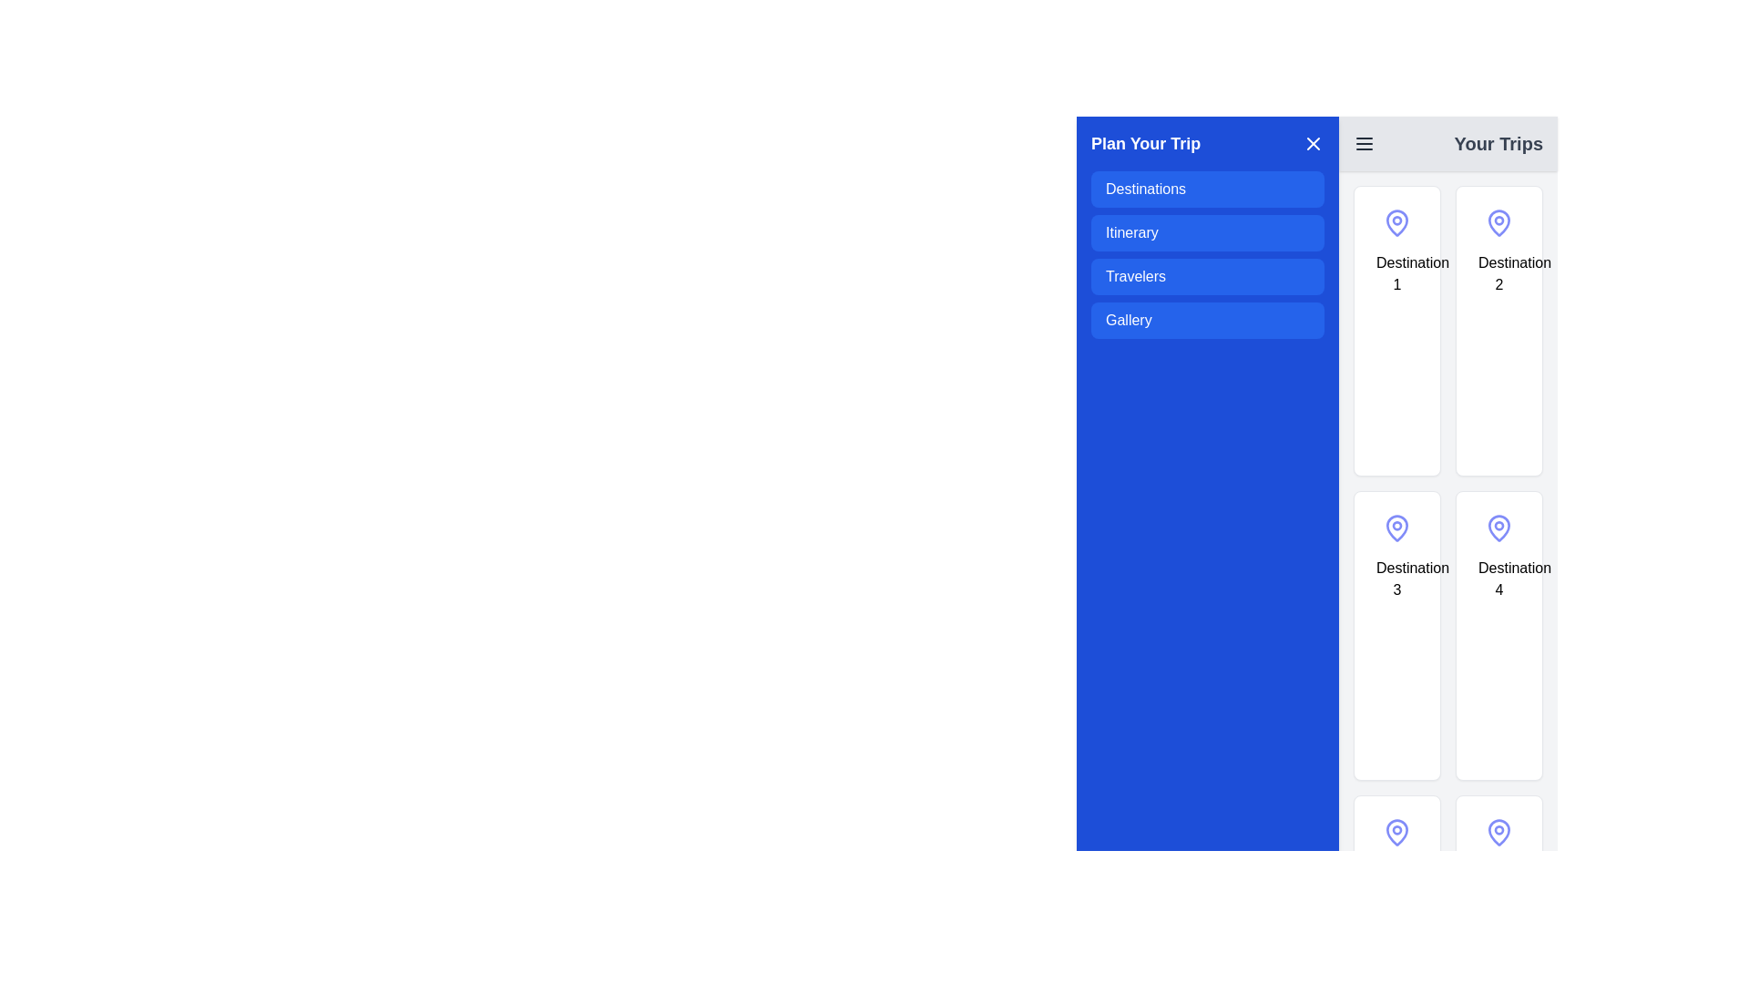  What do you see at coordinates (1145, 143) in the screenshot?
I see `the 'Plan Your Trip' text label, which is a bold, large-sized white font on a blue background located at the top of a vertical menu layout` at bounding box center [1145, 143].